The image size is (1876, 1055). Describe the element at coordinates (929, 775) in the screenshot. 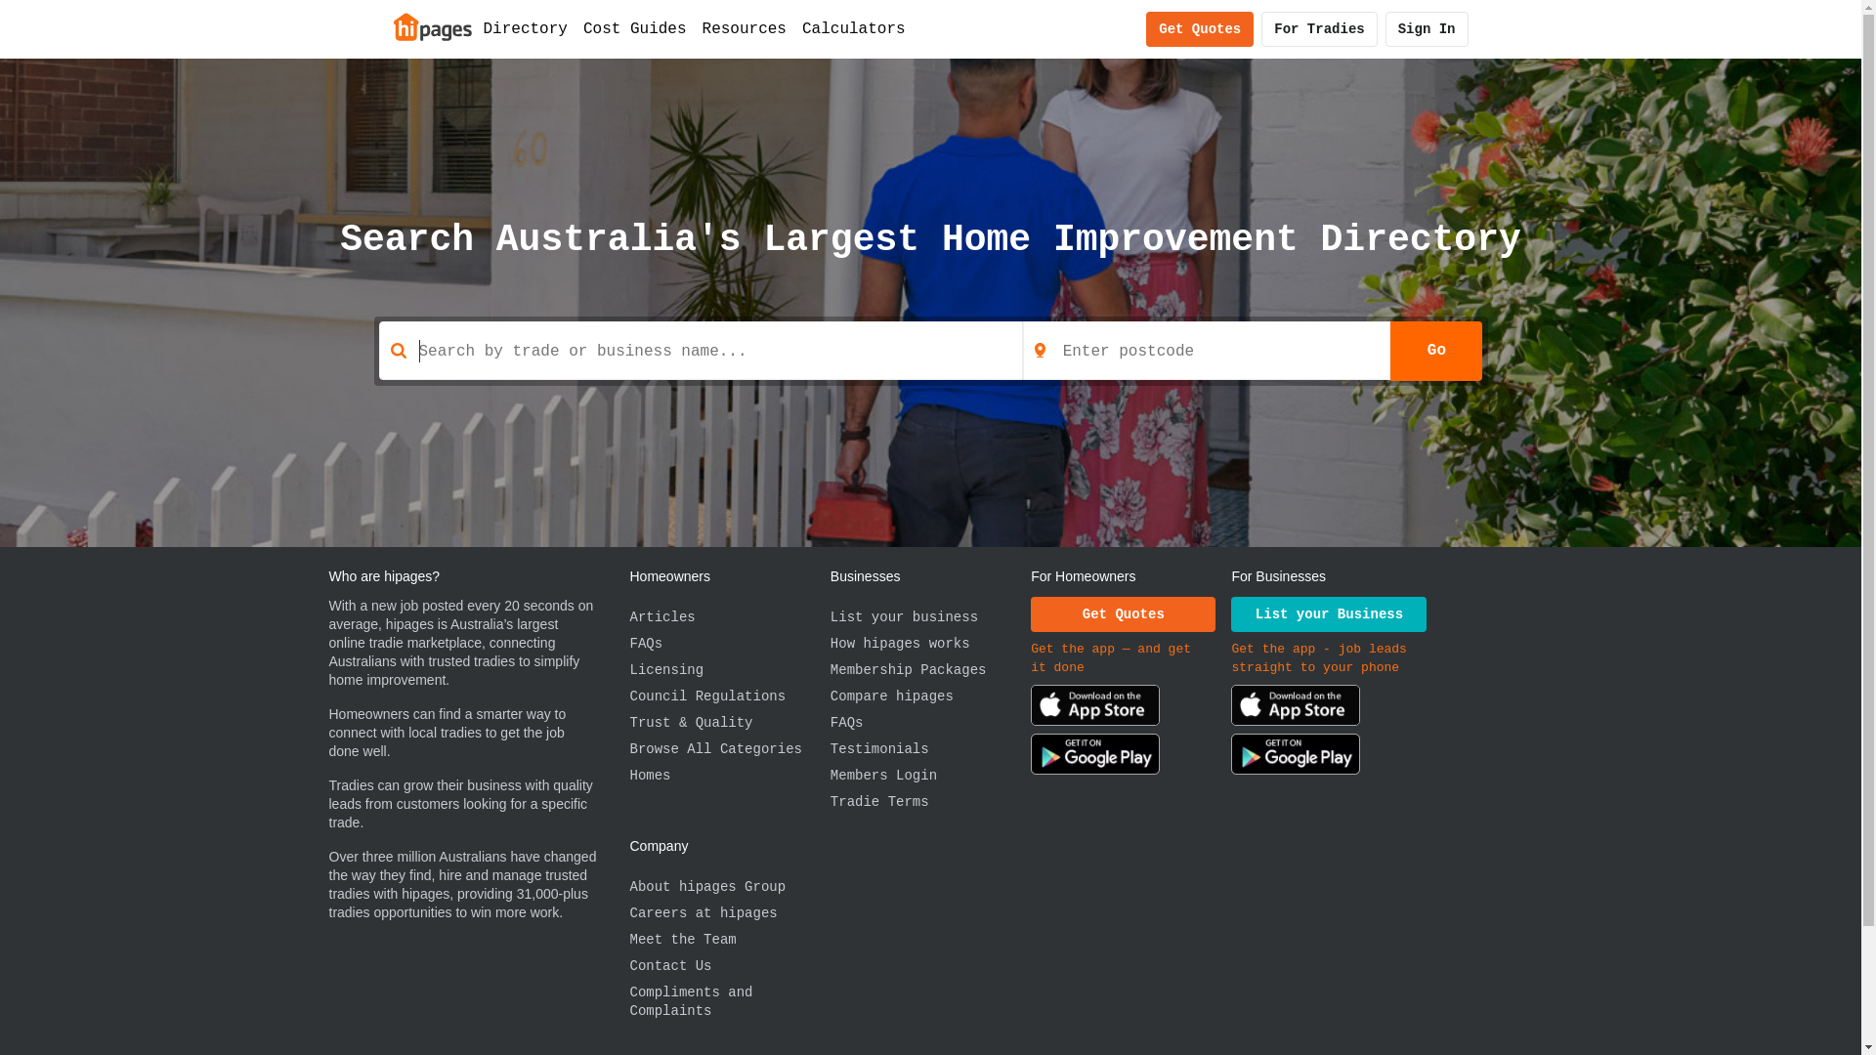

I see `'Members Login'` at that location.